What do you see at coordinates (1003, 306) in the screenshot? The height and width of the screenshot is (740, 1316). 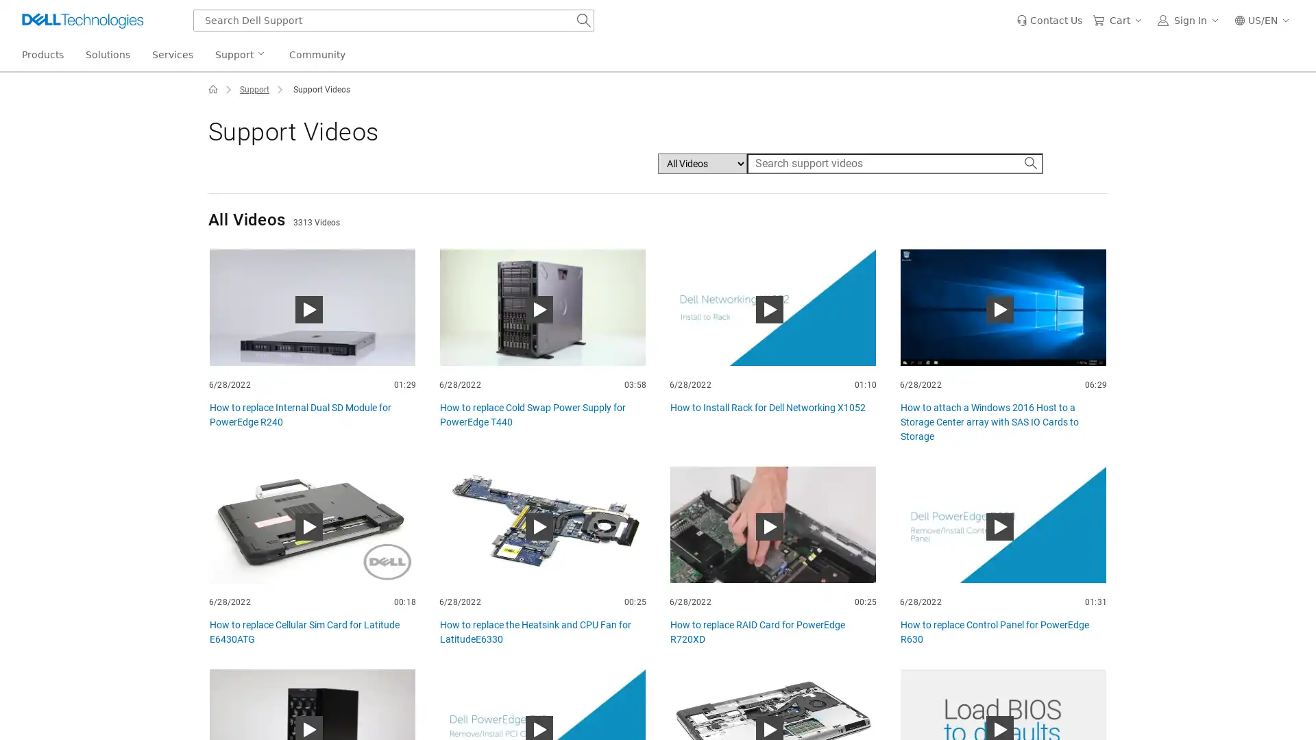 I see `How to attach a Windows 2016 Host to a Storage Center array with SAS IO Cards to Storage Play` at bounding box center [1003, 306].